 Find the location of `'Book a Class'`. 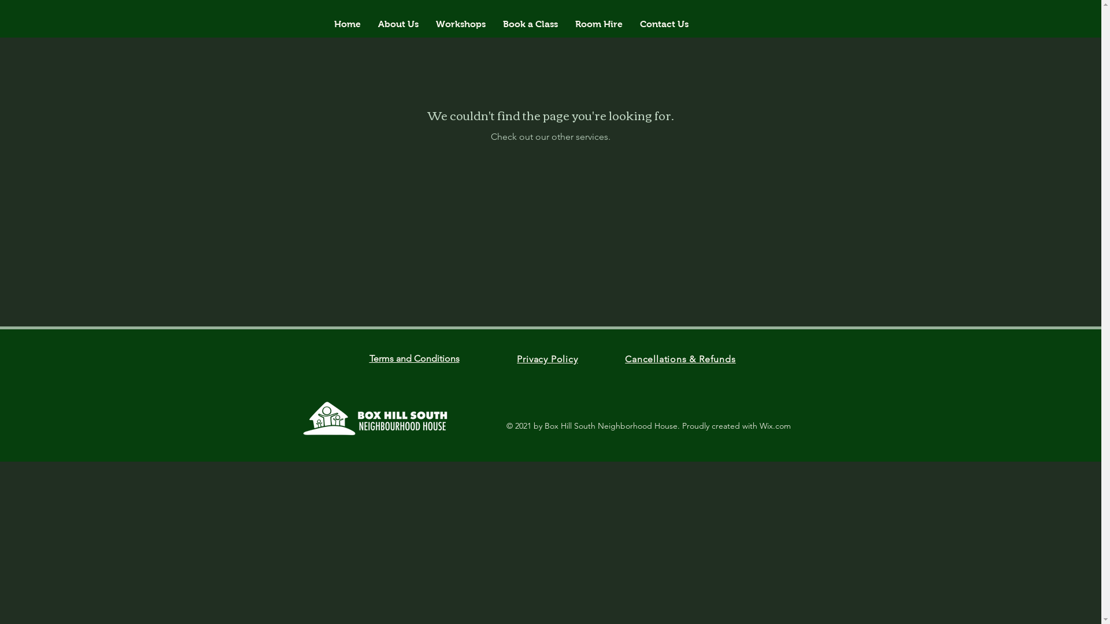

'Book a Class' is located at coordinates (530, 24).